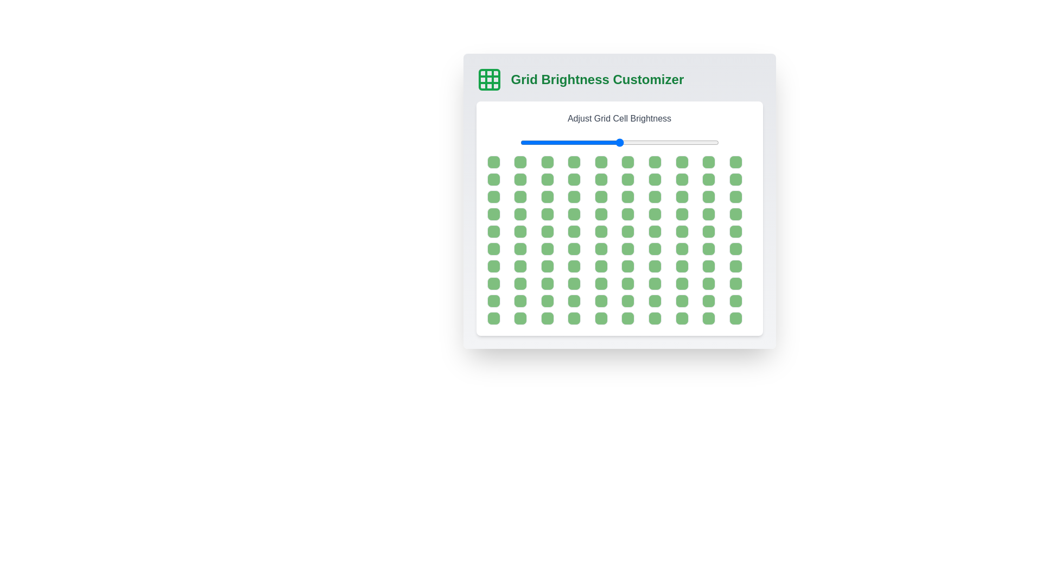 Image resolution: width=1042 pixels, height=586 pixels. What do you see at coordinates (583, 142) in the screenshot?
I see `the brightness slider to 32%` at bounding box center [583, 142].